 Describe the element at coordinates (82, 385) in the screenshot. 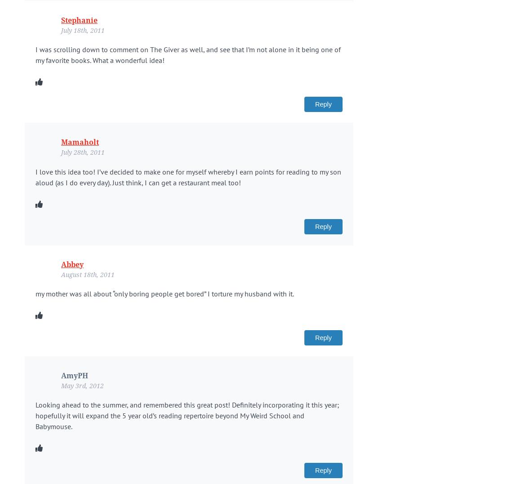

I see `'May 3rd, 2012'` at that location.